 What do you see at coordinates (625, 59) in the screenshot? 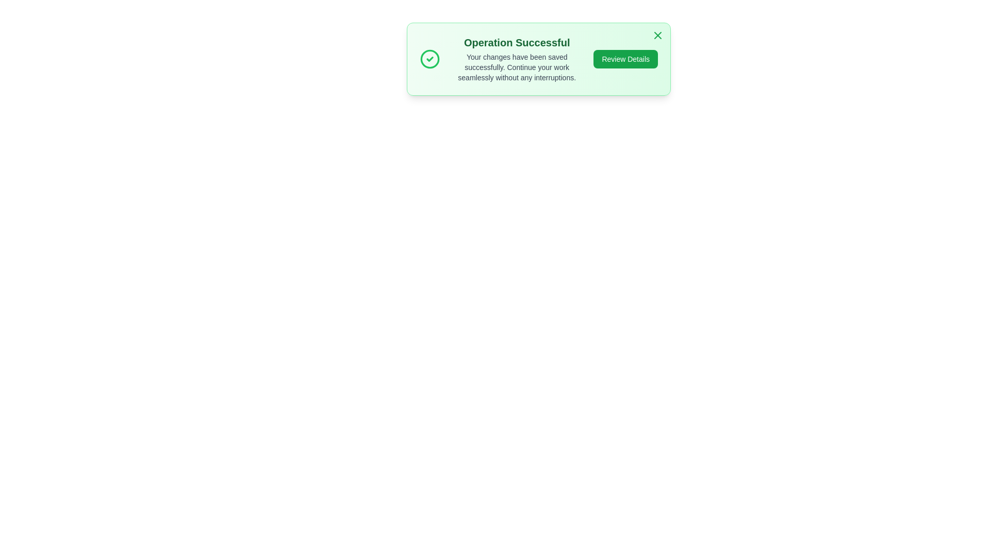
I see `the 'Review Details' button to proceed with the provided information` at bounding box center [625, 59].